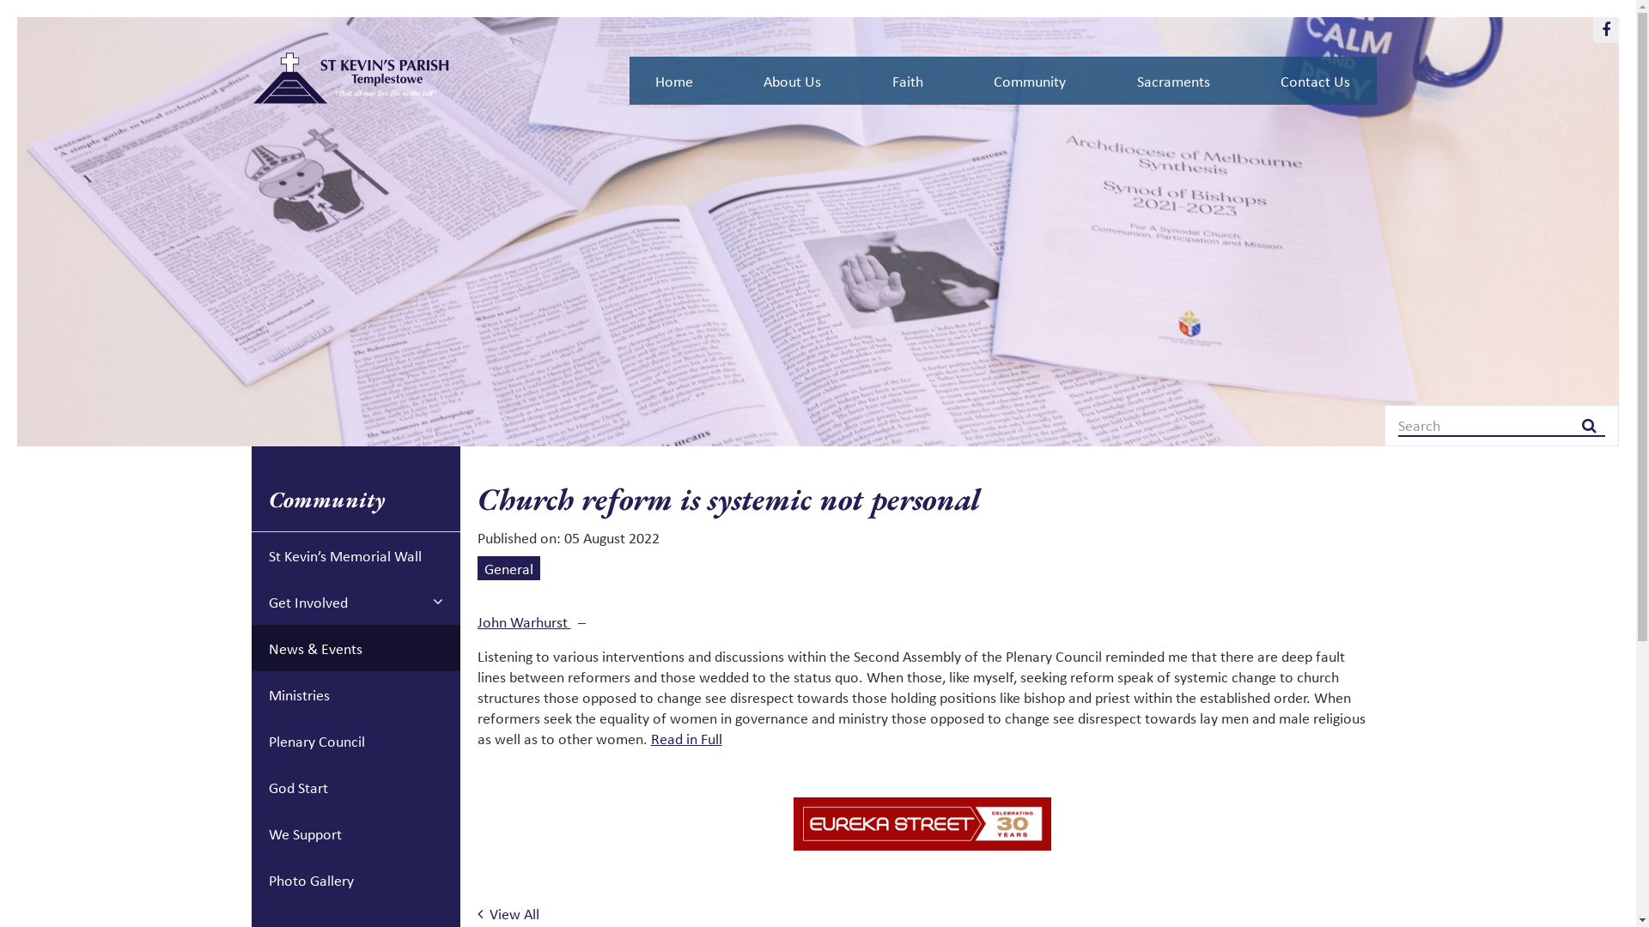 The width and height of the screenshot is (1649, 927). I want to click on 'General', so click(508, 568).